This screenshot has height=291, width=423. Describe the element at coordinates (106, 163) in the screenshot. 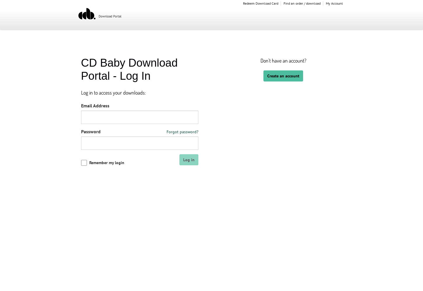

I see `'Remember my login'` at that location.